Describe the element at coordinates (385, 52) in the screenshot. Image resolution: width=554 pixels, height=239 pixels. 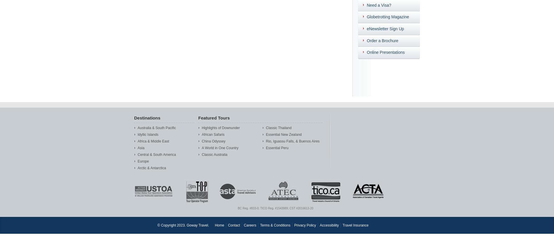
I see `'Online Presentations'` at that location.